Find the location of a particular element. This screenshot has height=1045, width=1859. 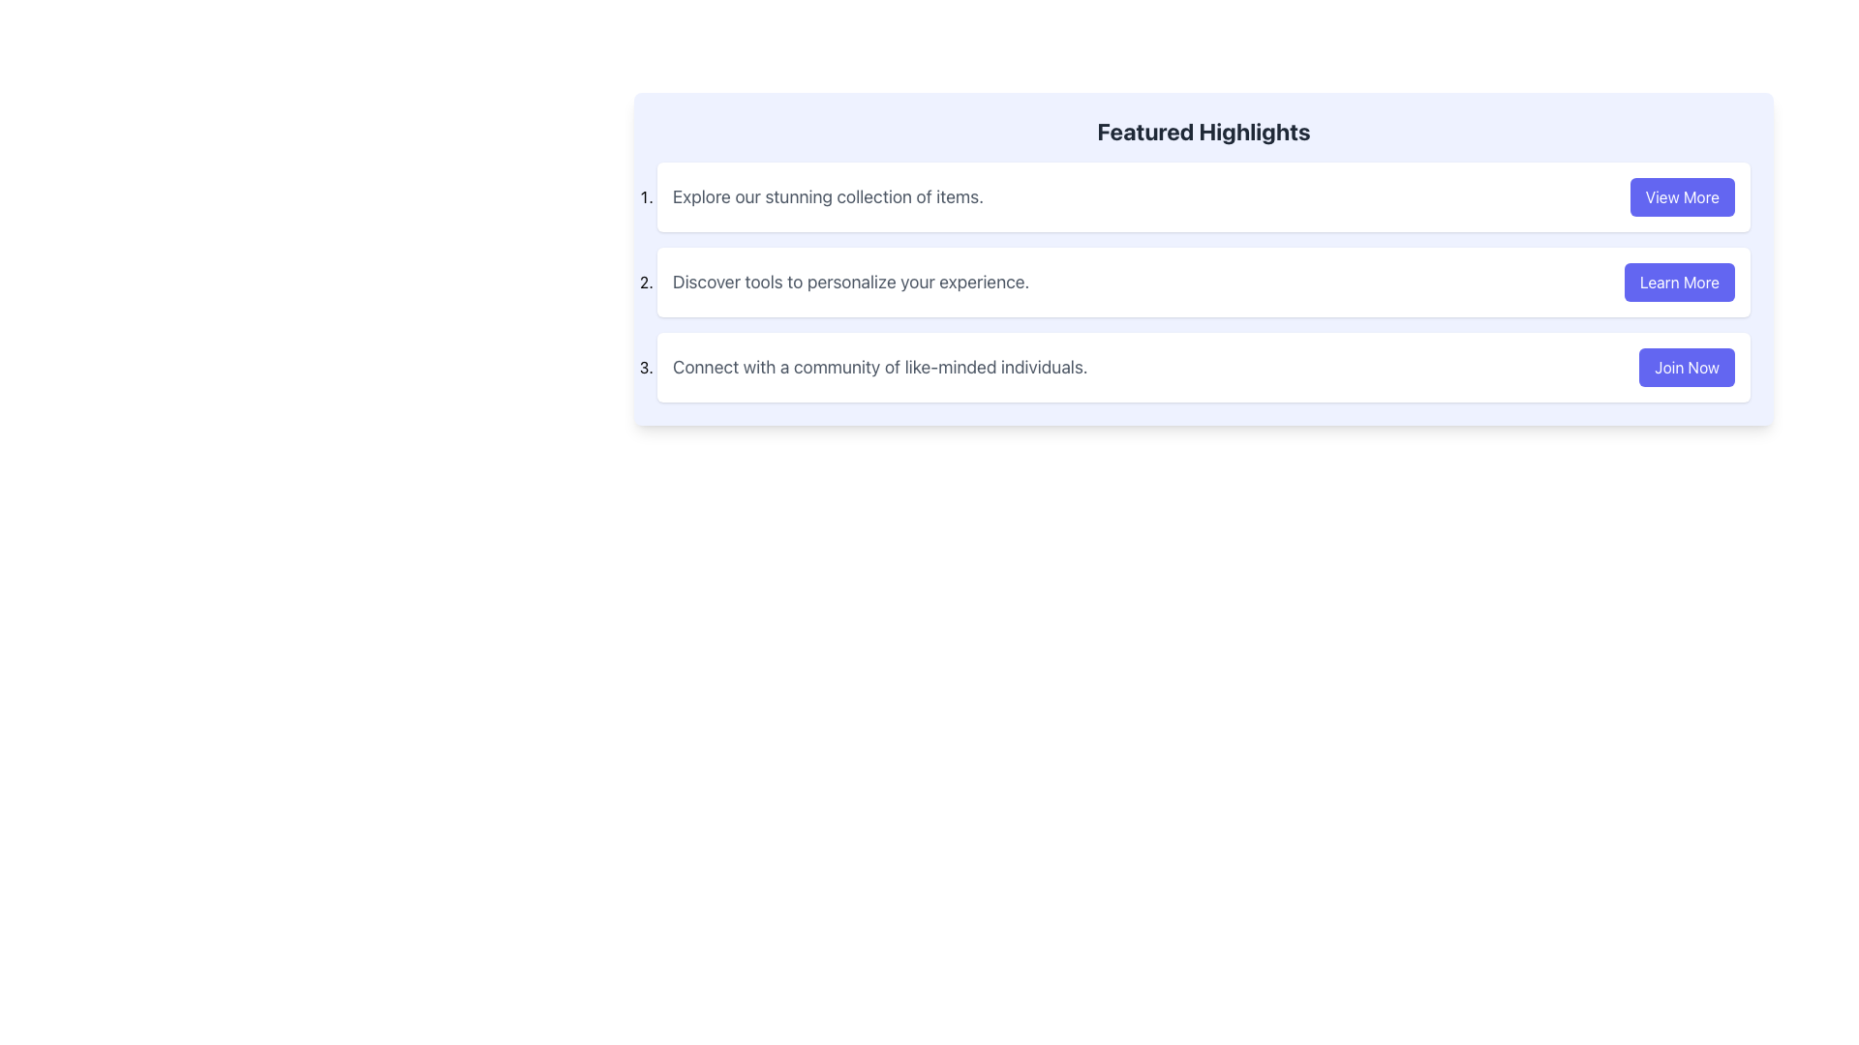

informational text that serves as a descriptive label in the second entry of a vertically aligned list, located to the left of a 'Learn More' button is located at coordinates (851, 283).